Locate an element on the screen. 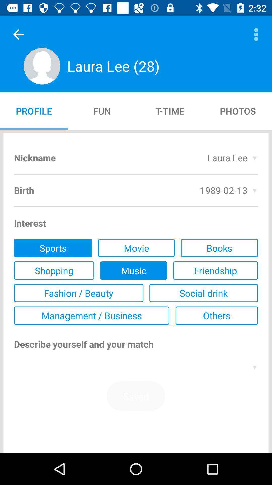  the item to the right of management / business icon is located at coordinates (216, 315).